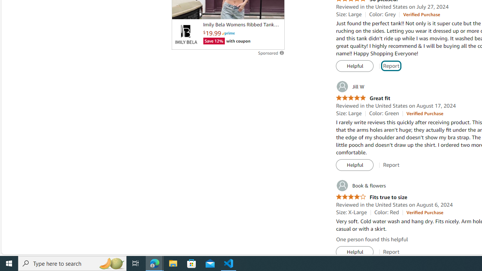 The image size is (482, 271). I want to click on 'Prime', so click(228, 33).